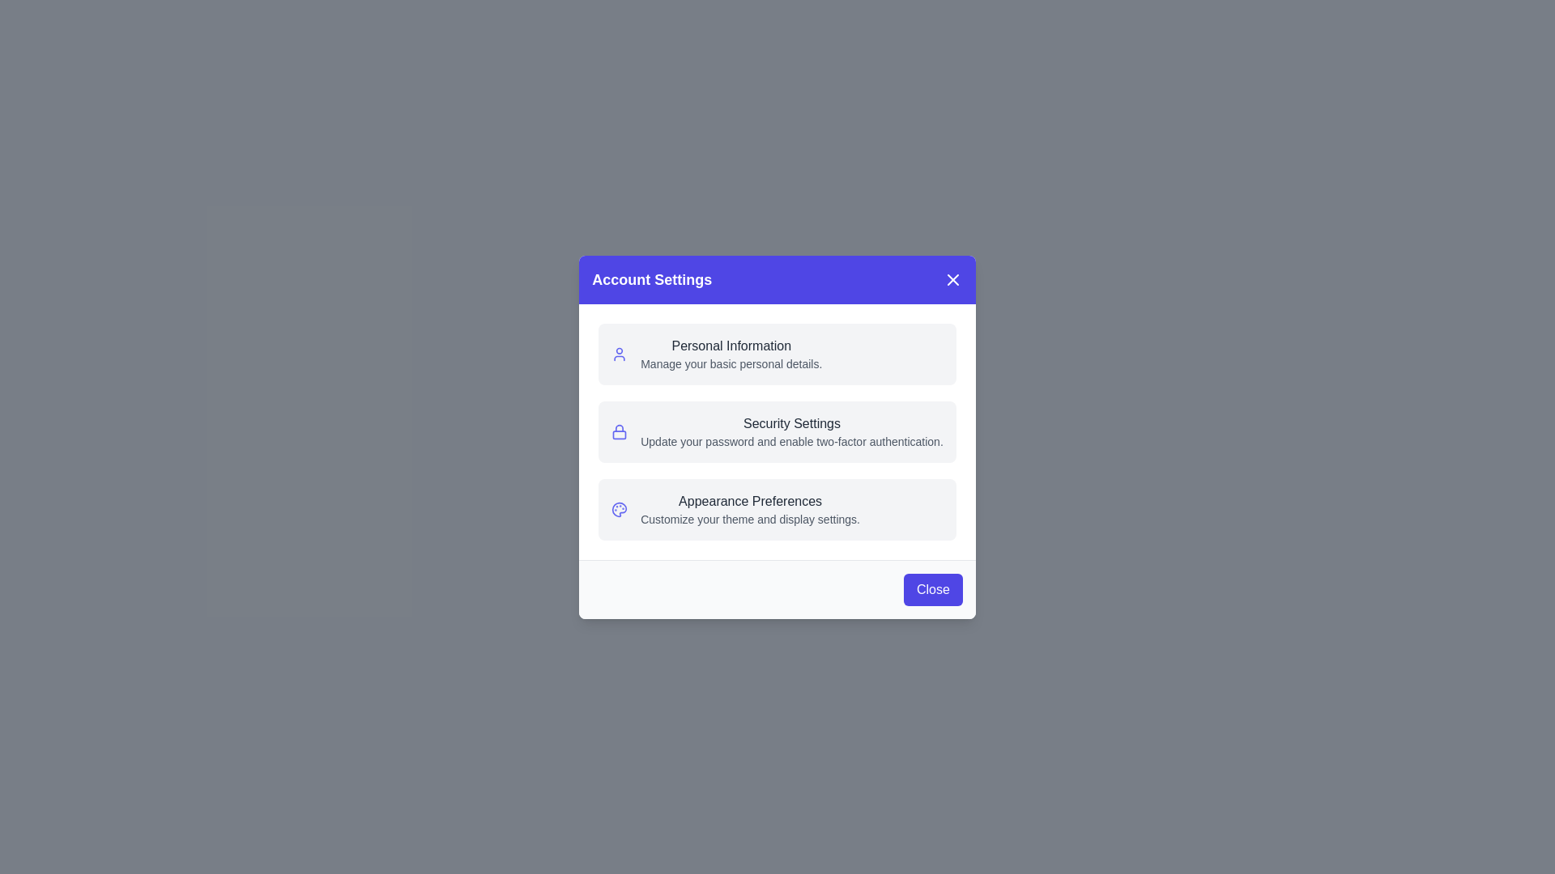  Describe the element at coordinates (749, 519) in the screenshot. I see `the text element styled in smaller gray text located below the 'Appearance Preferences' heading for copying` at that location.